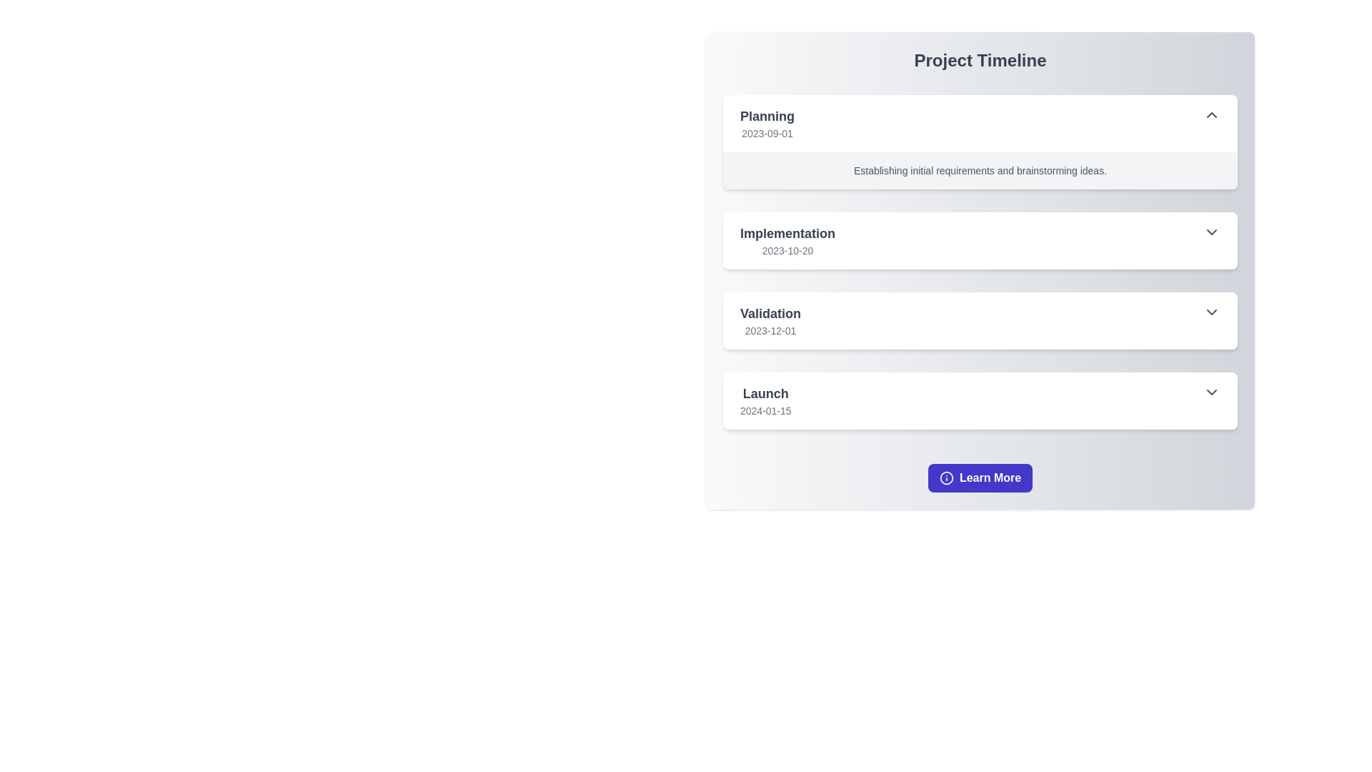  Describe the element at coordinates (765, 394) in the screenshot. I see `the text label summarizing the event 'Launch' located at the bottom of the vertical timeline` at that location.